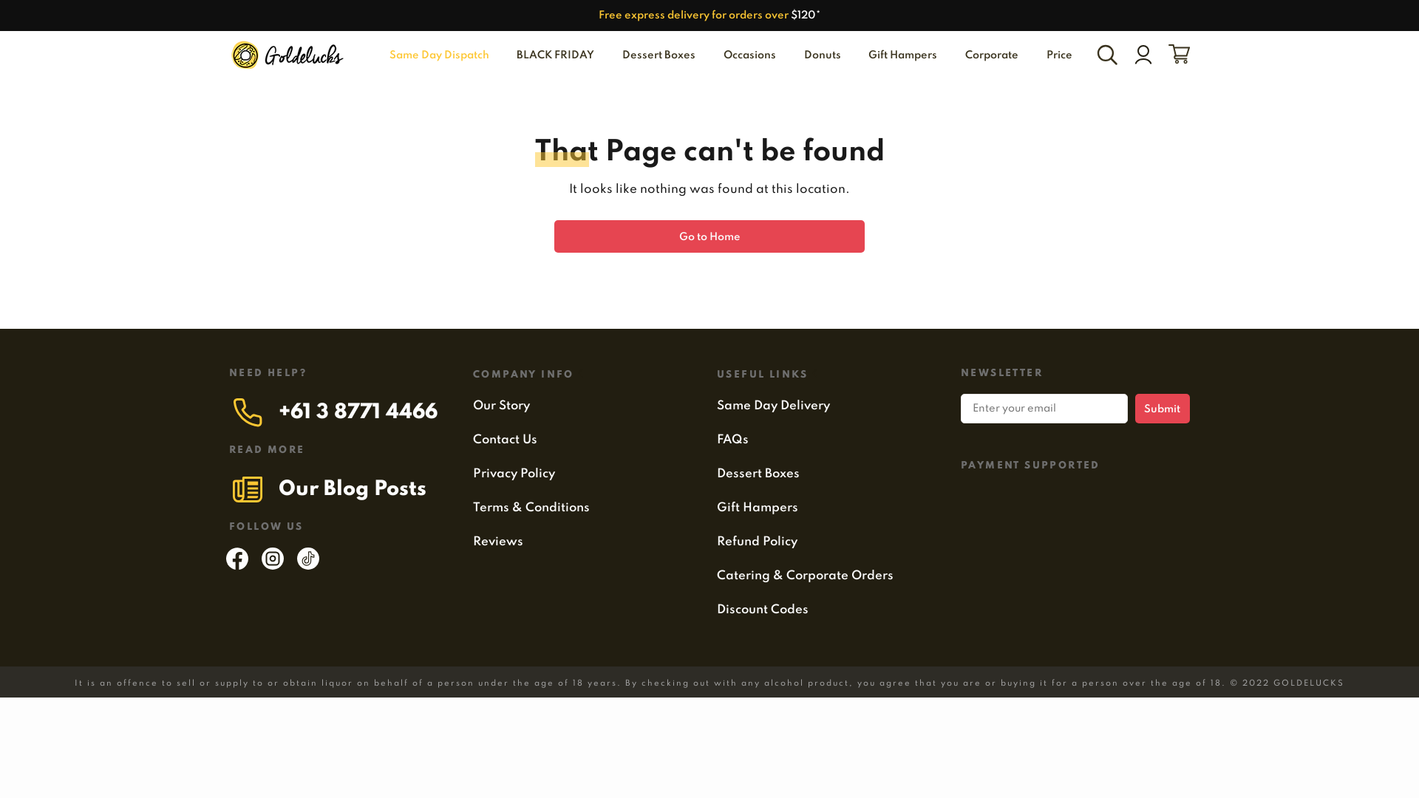 The height and width of the screenshot is (798, 1419). Describe the element at coordinates (804, 575) in the screenshot. I see `'Catering & Corporate Orders'` at that location.